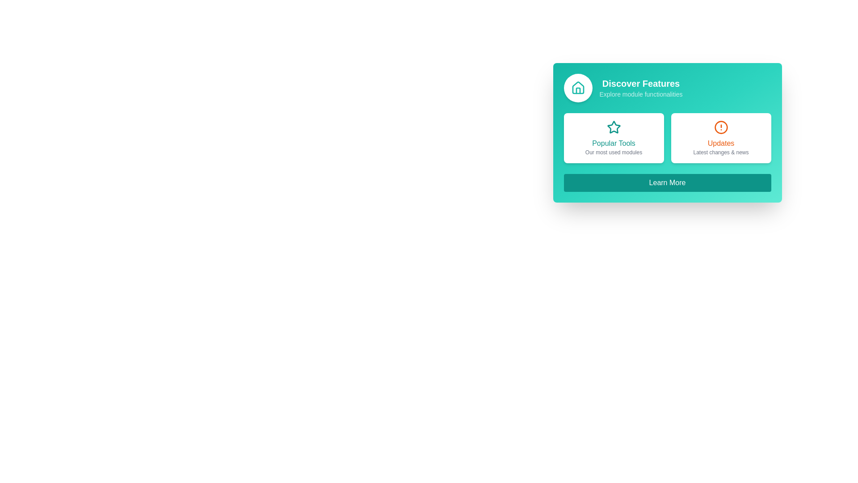  What do you see at coordinates (721, 127) in the screenshot?
I see `the alert icon located above the 'Updates' text in the card interface` at bounding box center [721, 127].